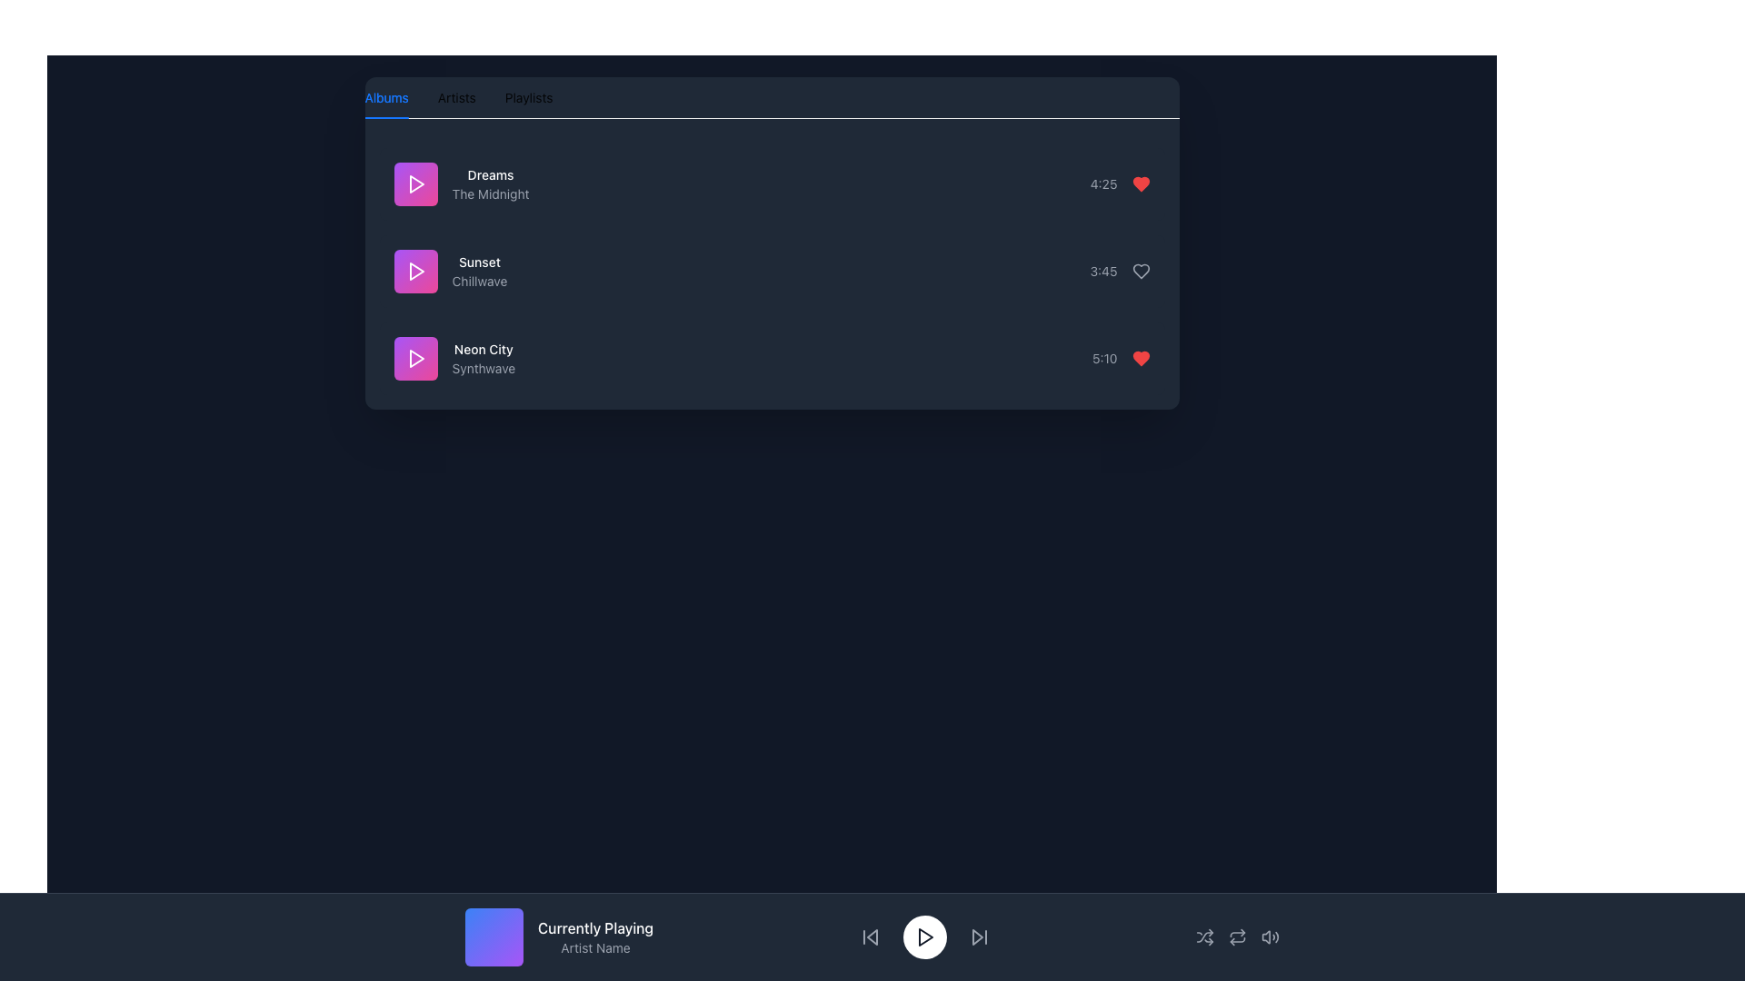 This screenshot has height=981, width=1745. Describe the element at coordinates (414, 184) in the screenshot. I see `the play button for the song 'Dreams' by 'The Midnight'` at that location.